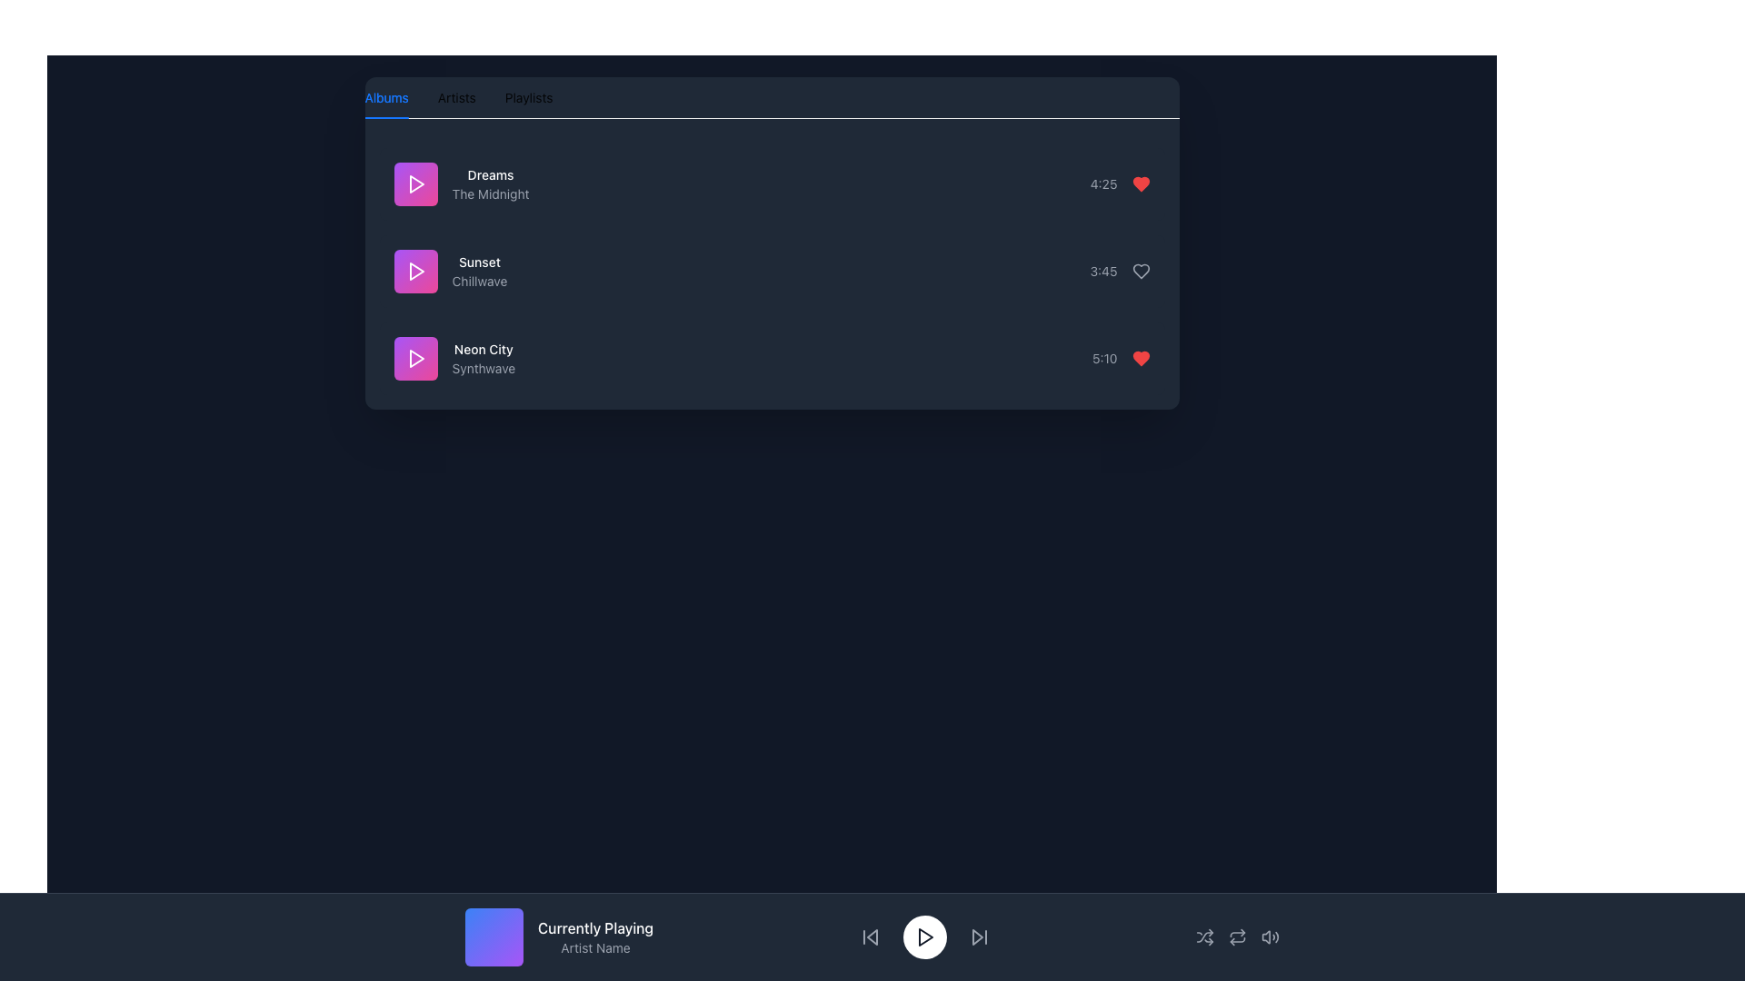 This screenshot has height=981, width=1745. Describe the element at coordinates (414, 184) in the screenshot. I see `the play button for the song 'Dreams' by 'The Midnight'` at that location.